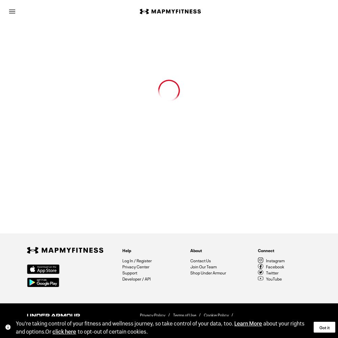 The height and width of the screenshot is (338, 338). I want to click on 'Privacy Center', so click(122, 266).